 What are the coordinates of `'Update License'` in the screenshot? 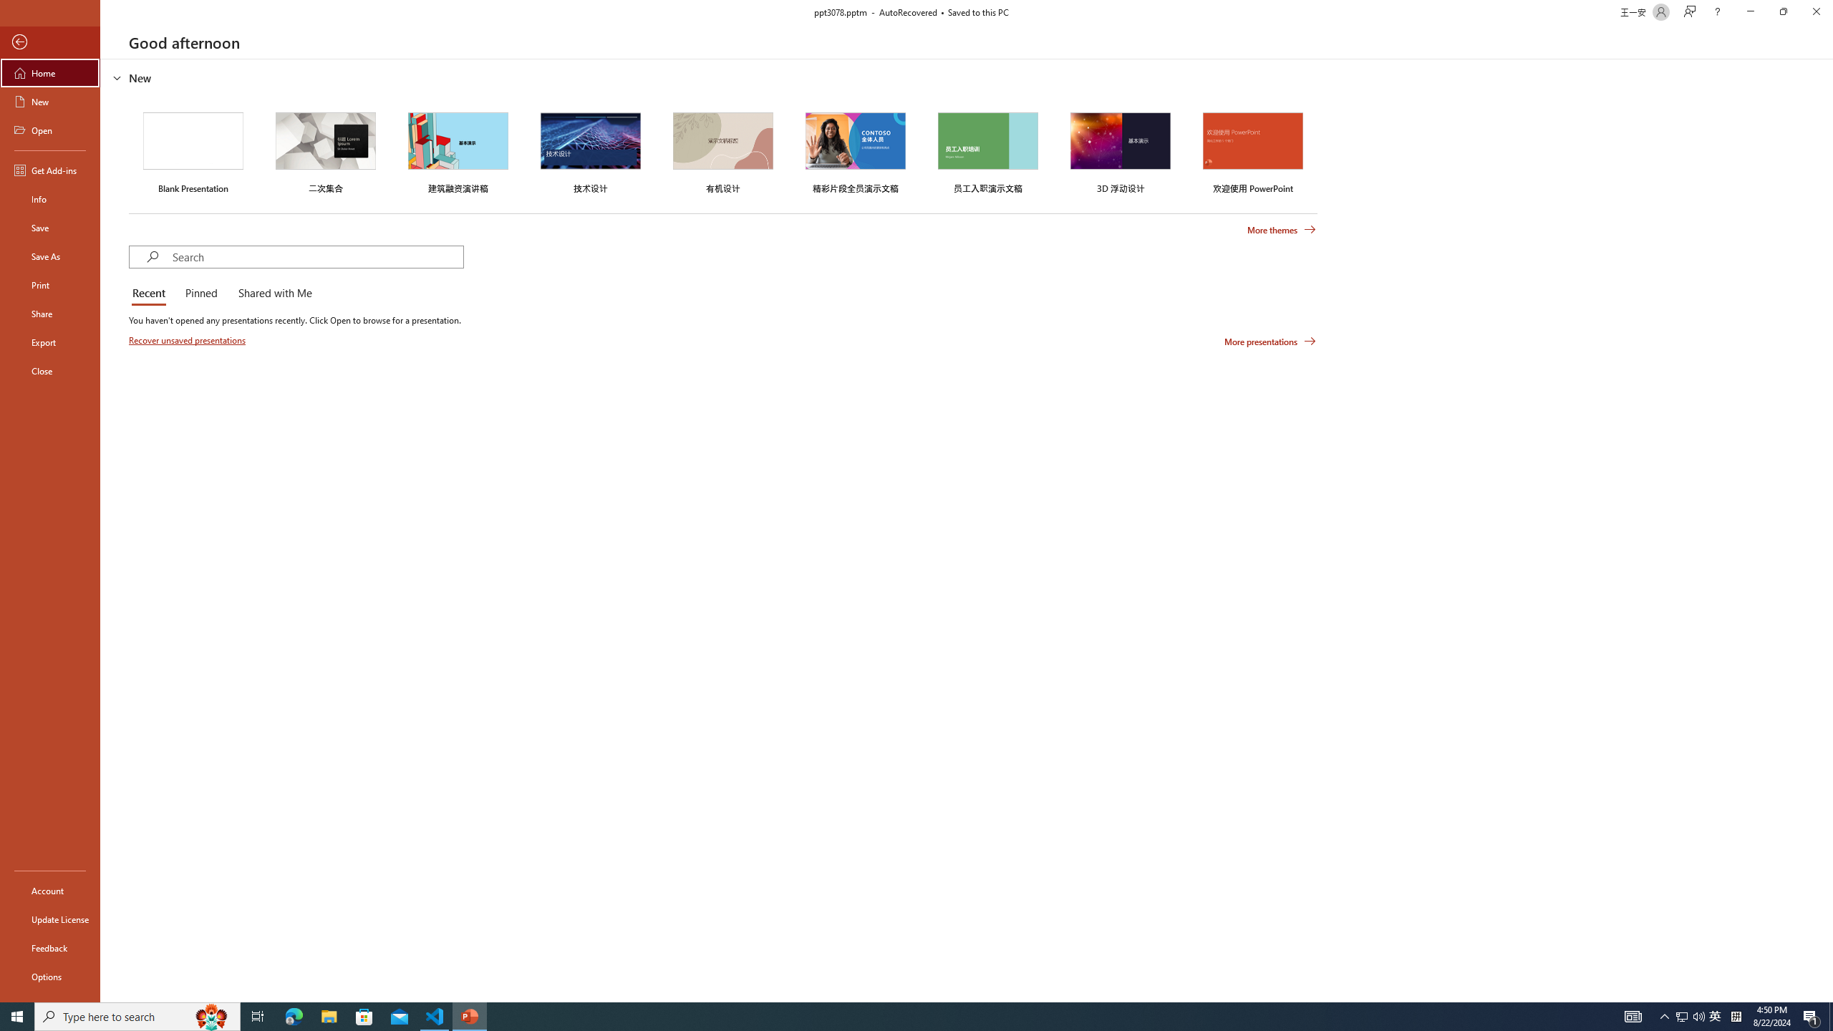 It's located at (49, 919).